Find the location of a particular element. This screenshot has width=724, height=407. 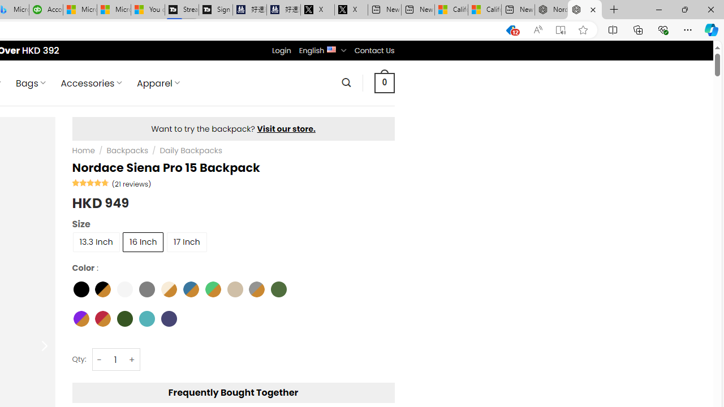

'-' is located at coordinates (100, 360).